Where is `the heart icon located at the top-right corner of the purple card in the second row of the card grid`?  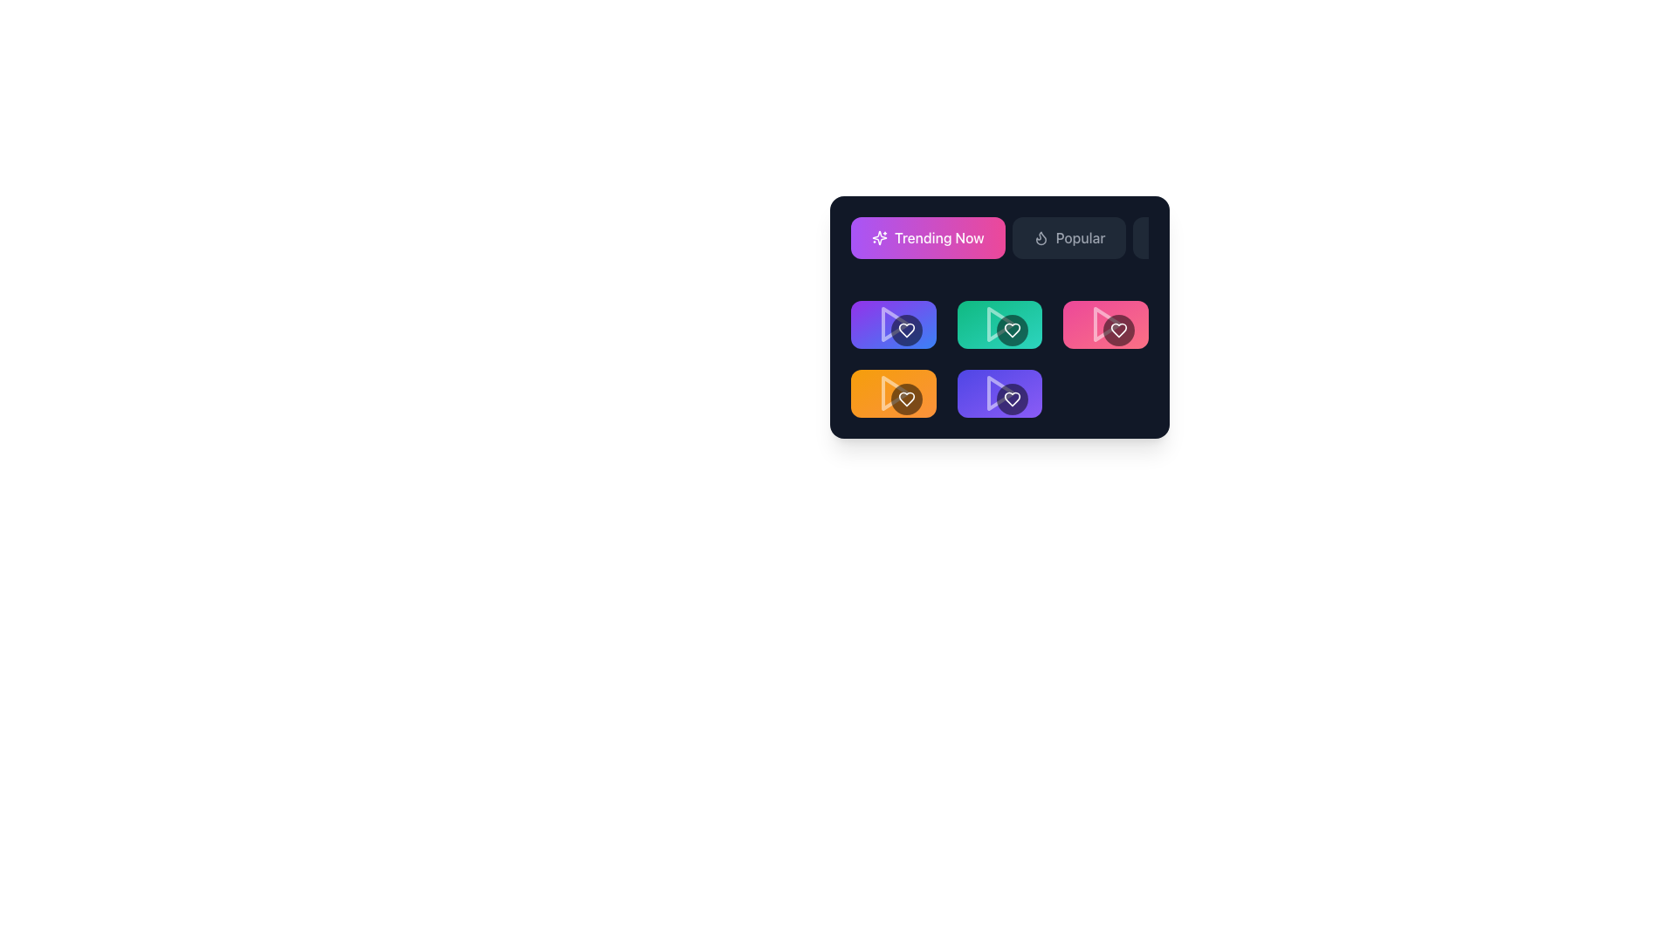
the heart icon located at the top-right corner of the purple card in the second row of the card grid is located at coordinates (1013, 398).